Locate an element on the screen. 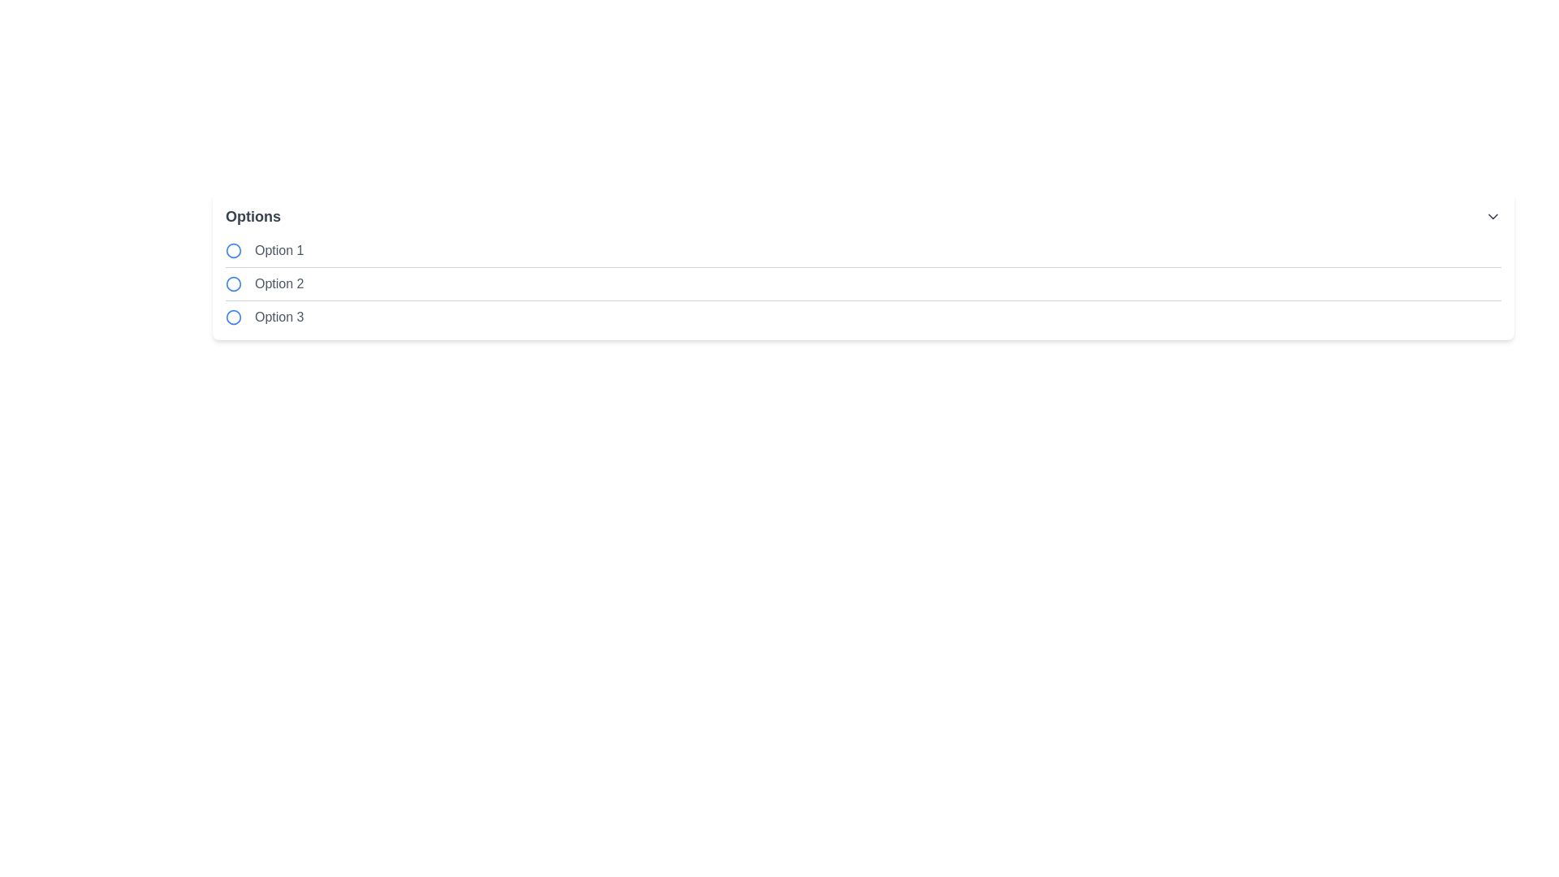 The width and height of the screenshot is (1559, 877). the radio button in the second option of the list to indicate selection is located at coordinates (233, 283).